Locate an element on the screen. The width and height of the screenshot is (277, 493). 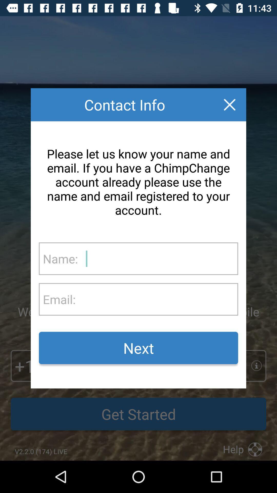
next icon is located at coordinates (138, 348).